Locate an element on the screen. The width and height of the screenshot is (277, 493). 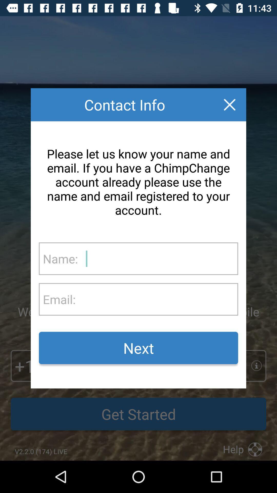
next icon is located at coordinates (138, 348).